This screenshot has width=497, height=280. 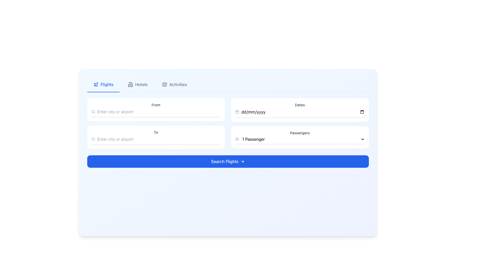 What do you see at coordinates (130, 84) in the screenshot?
I see `the building icon within the SVG navigation bar that serves as a visual cue for 'Hotels'` at bounding box center [130, 84].